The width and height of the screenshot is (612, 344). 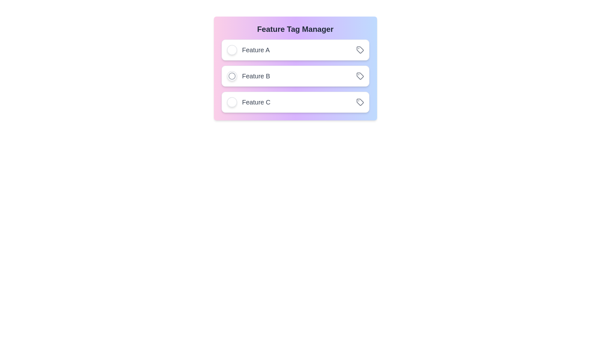 What do you see at coordinates (231, 76) in the screenshot?
I see `circular outline of the checkbox for 'Feature B' to analyze its styling properties` at bounding box center [231, 76].